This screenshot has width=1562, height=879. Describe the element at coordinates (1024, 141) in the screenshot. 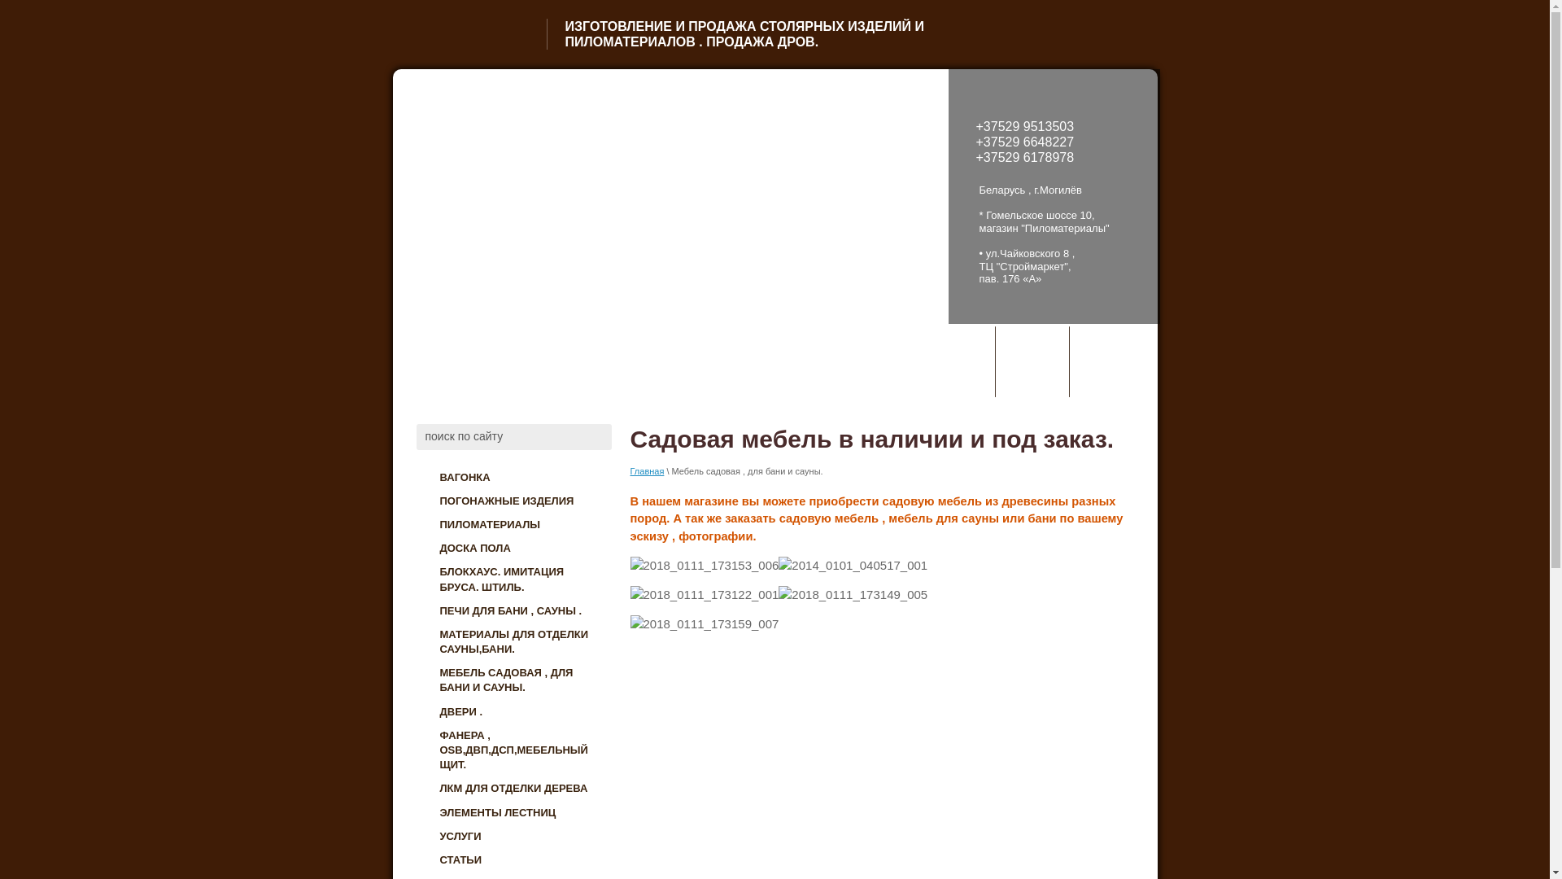

I see `'+37529 6648227'` at that location.